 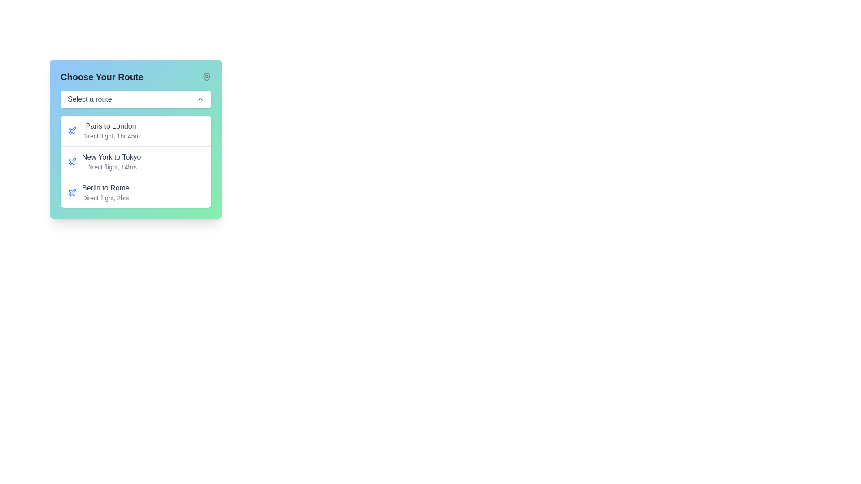 What do you see at coordinates (105, 188) in the screenshot?
I see `the static text label that serves as the title for a flight route option in the third row under 'Choose Your Route'` at bounding box center [105, 188].